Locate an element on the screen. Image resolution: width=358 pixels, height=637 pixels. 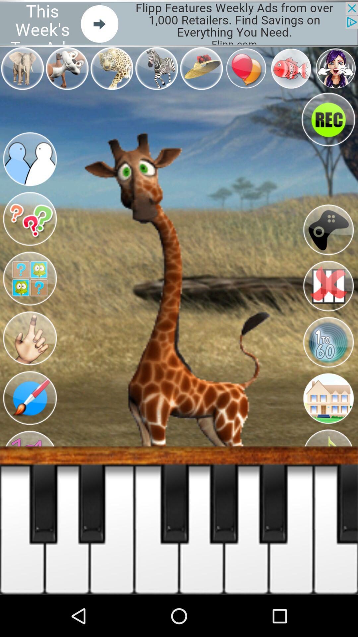
the icon which is left side of the hat is located at coordinates (156, 68).